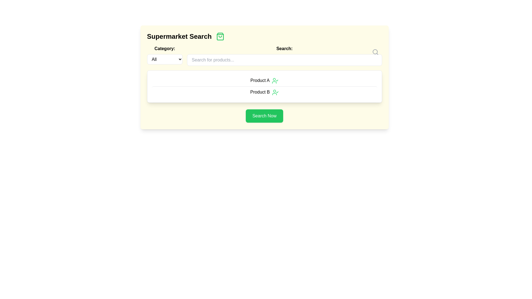 The image size is (532, 299). What do you see at coordinates (164, 55) in the screenshot?
I see `the dropdown menu for keyboard navigation` at bounding box center [164, 55].